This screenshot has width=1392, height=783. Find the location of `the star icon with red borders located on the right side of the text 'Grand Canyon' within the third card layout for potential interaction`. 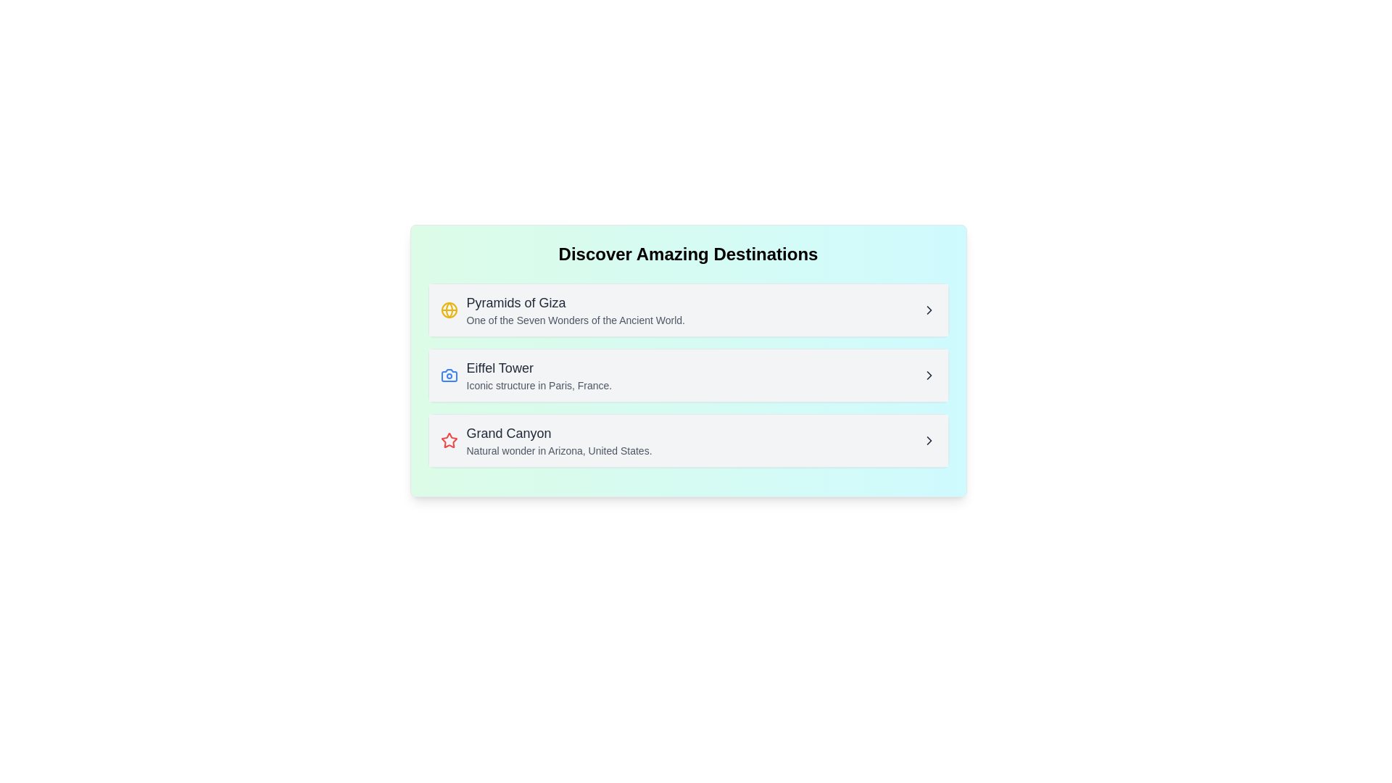

the star icon with red borders located on the right side of the text 'Grand Canyon' within the third card layout for potential interaction is located at coordinates (448, 439).